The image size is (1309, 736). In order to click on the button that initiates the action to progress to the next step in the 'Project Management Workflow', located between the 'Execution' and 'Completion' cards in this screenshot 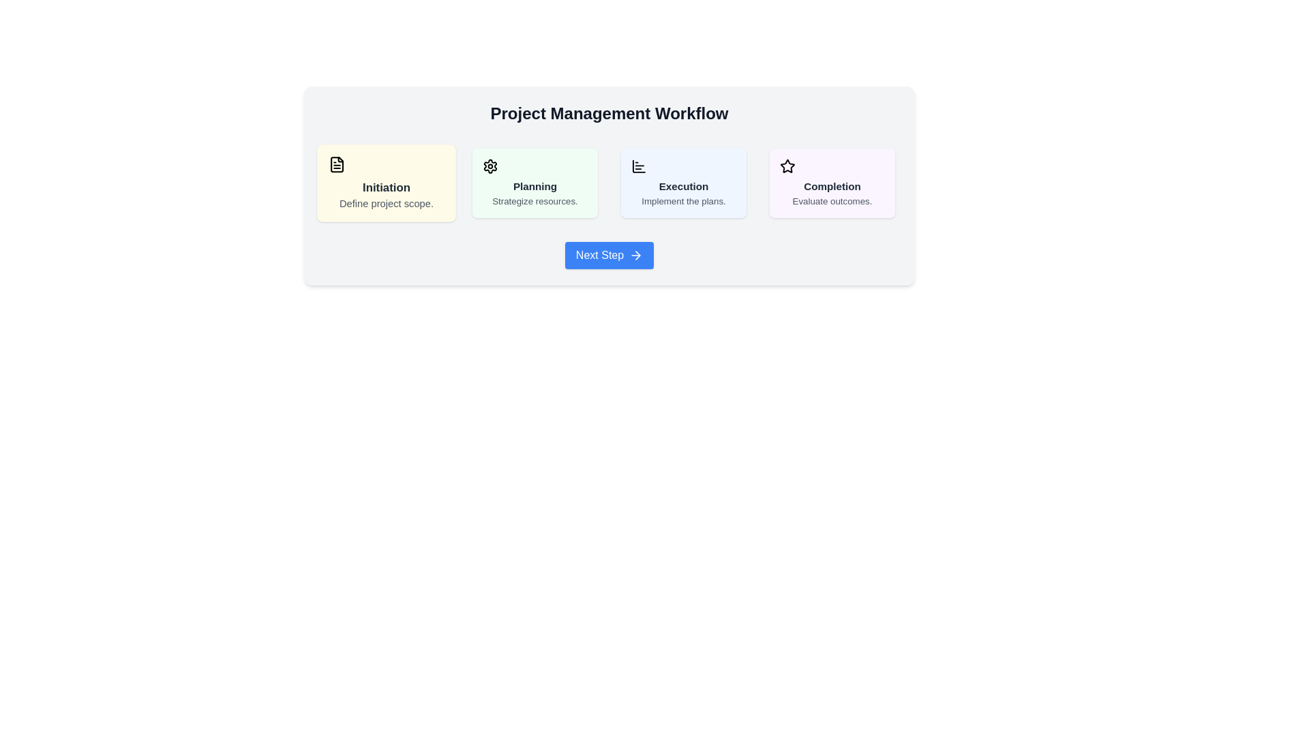, I will do `click(608, 255)`.